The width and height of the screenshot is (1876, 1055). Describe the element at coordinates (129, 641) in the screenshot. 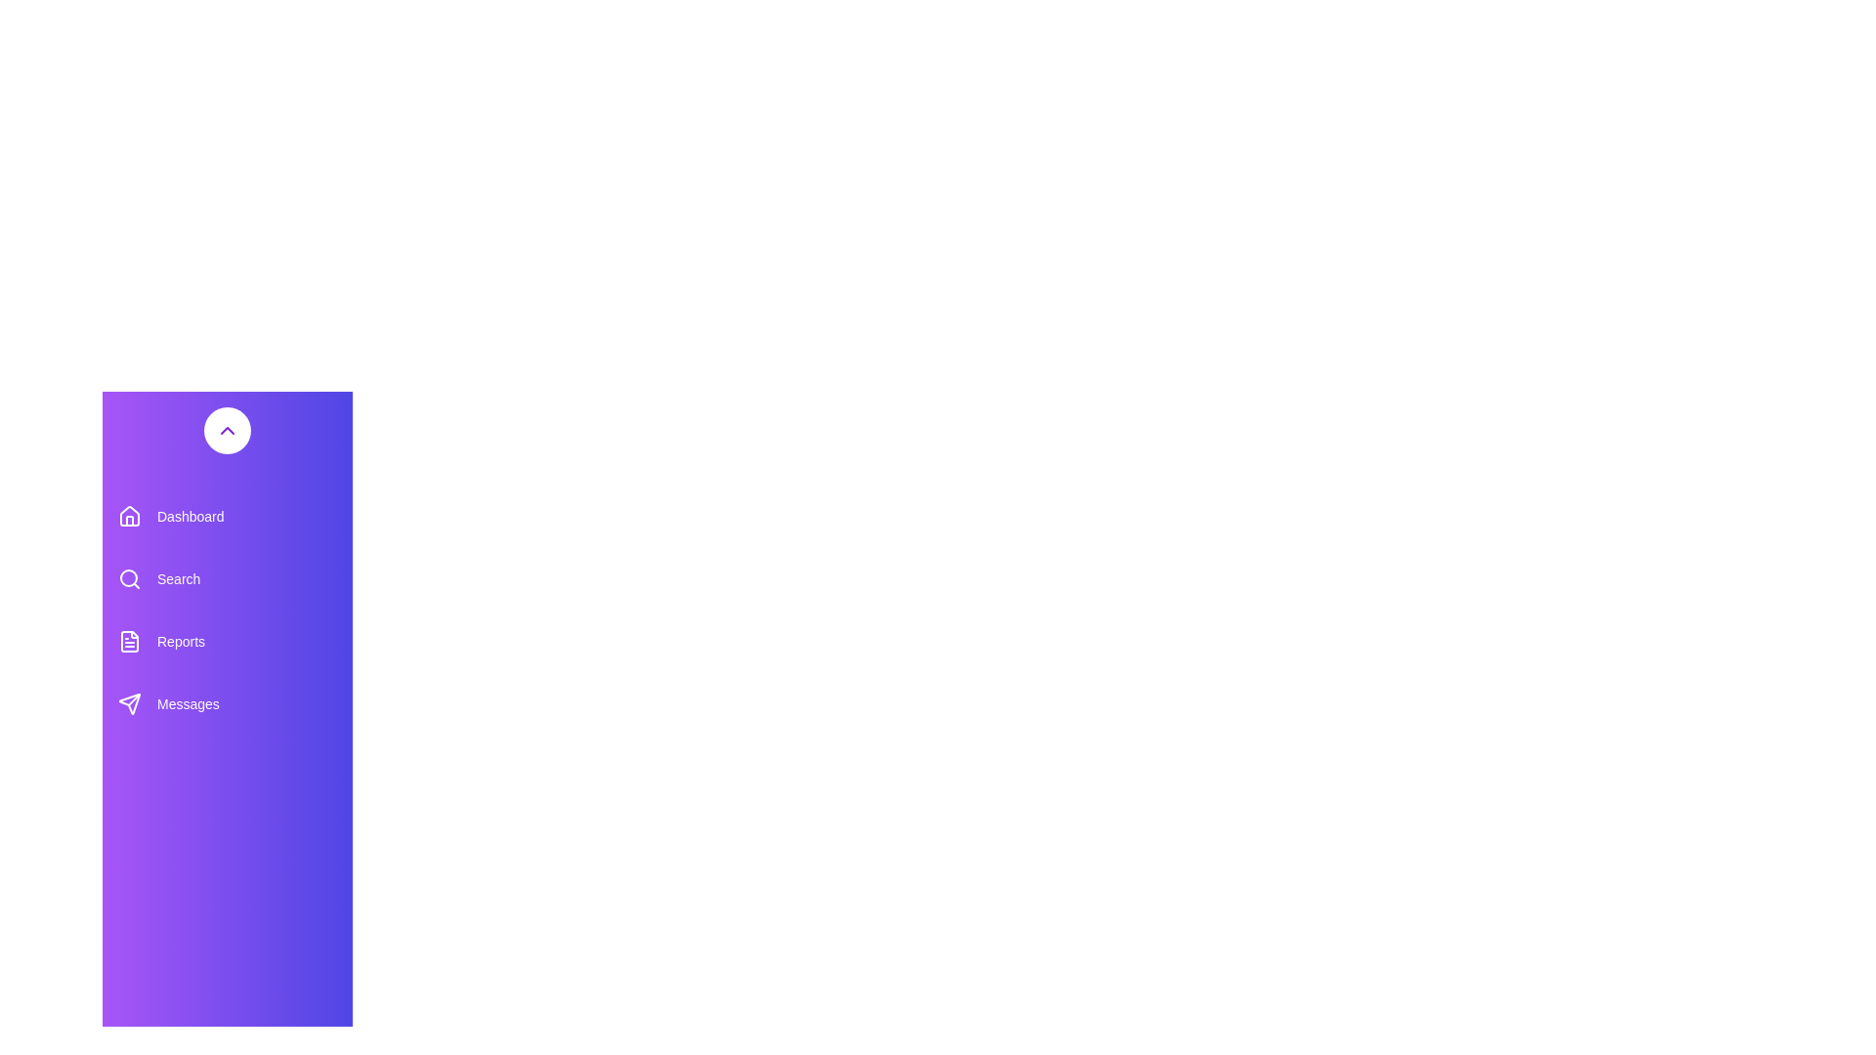

I see `the purple document icon located in the left sidebar navigation menu, adjacent to the 'Reports' text label` at that location.